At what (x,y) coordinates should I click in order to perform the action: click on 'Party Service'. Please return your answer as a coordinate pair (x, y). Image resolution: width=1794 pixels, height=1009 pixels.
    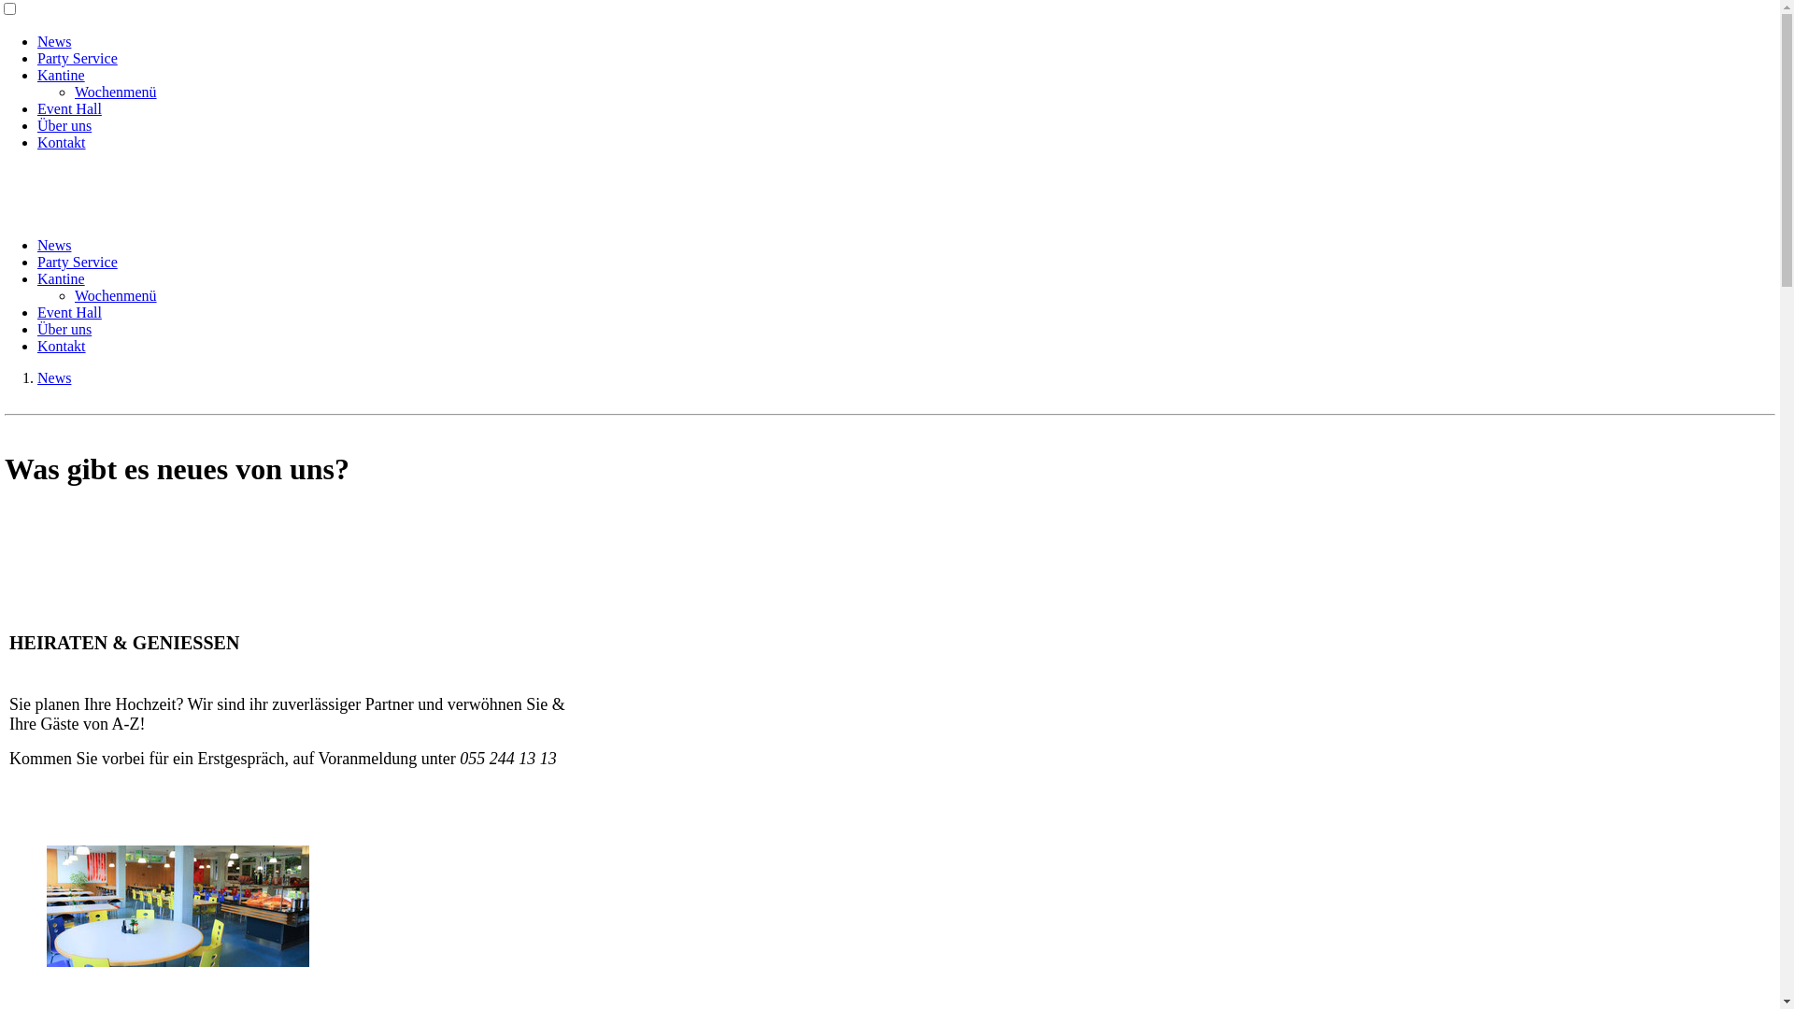
    Looking at the image, I should click on (76, 57).